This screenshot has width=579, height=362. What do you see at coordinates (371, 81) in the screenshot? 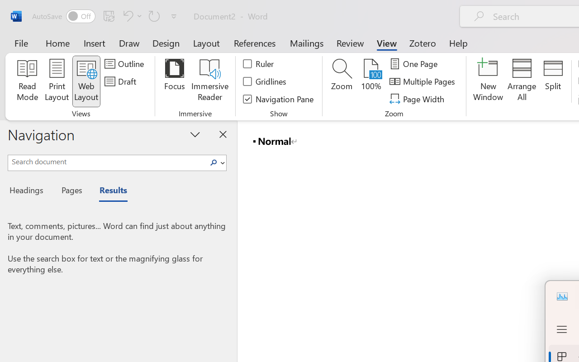
I see `'100%'` at bounding box center [371, 81].